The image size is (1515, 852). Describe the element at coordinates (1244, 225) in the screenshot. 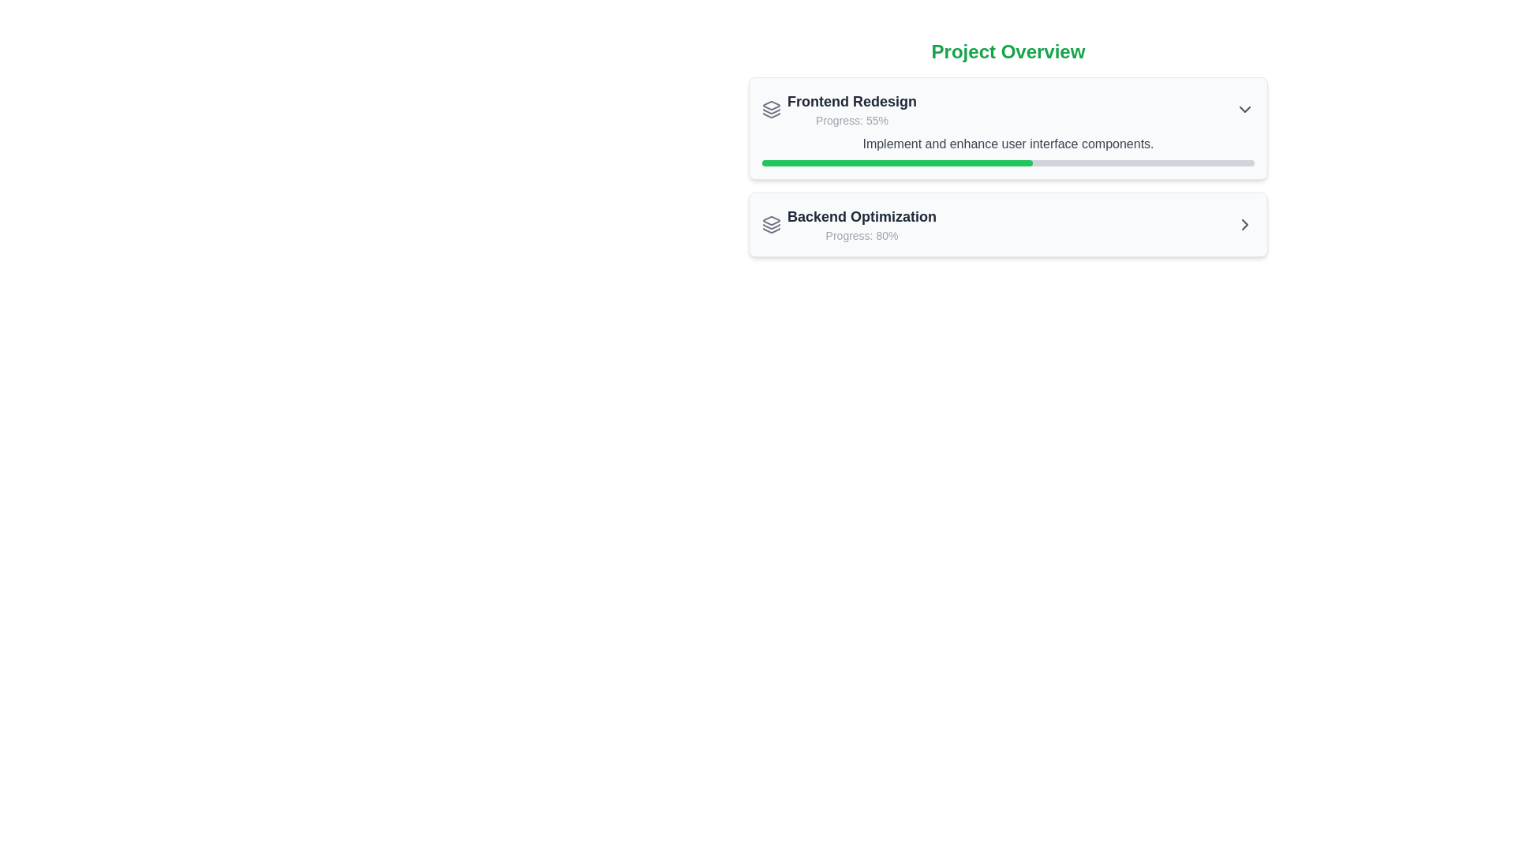

I see `the chevron icon button located at the far-right of the 'Backend Optimization' section` at that location.